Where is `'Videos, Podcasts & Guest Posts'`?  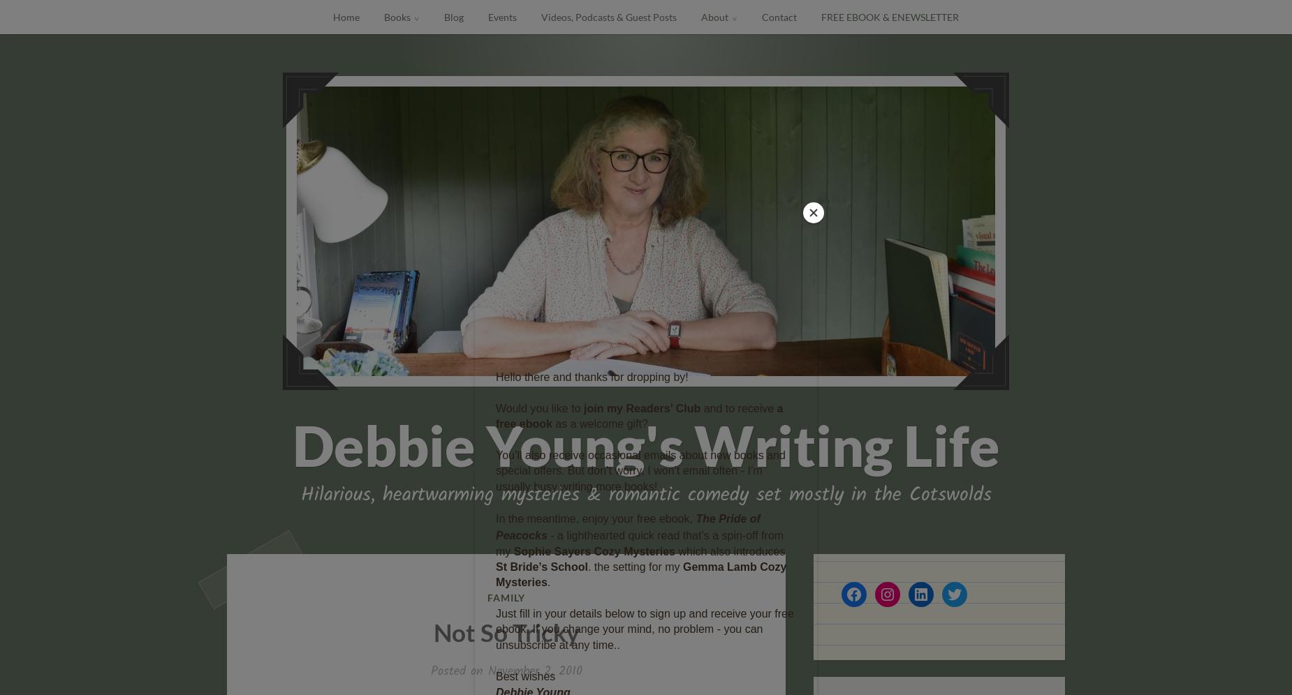
'Videos, Podcasts & Guest Posts' is located at coordinates (541, 17).